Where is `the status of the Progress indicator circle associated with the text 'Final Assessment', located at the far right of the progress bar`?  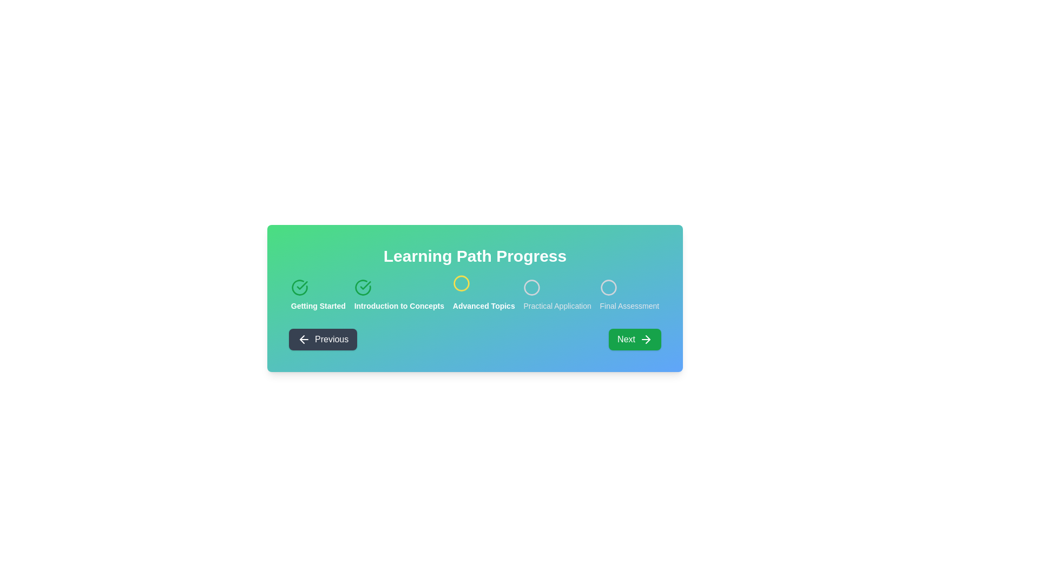
the status of the Progress indicator circle associated with the text 'Final Assessment', located at the far right of the progress bar is located at coordinates (608, 287).